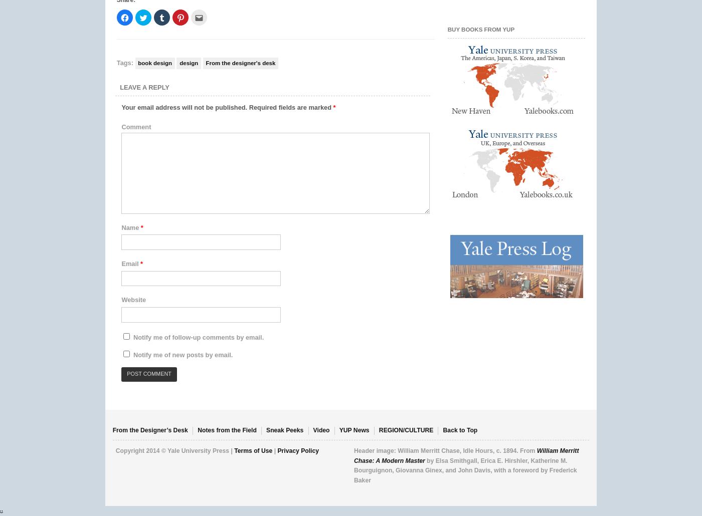 This screenshot has height=516, width=702. What do you see at coordinates (121, 264) in the screenshot?
I see `'Email'` at bounding box center [121, 264].